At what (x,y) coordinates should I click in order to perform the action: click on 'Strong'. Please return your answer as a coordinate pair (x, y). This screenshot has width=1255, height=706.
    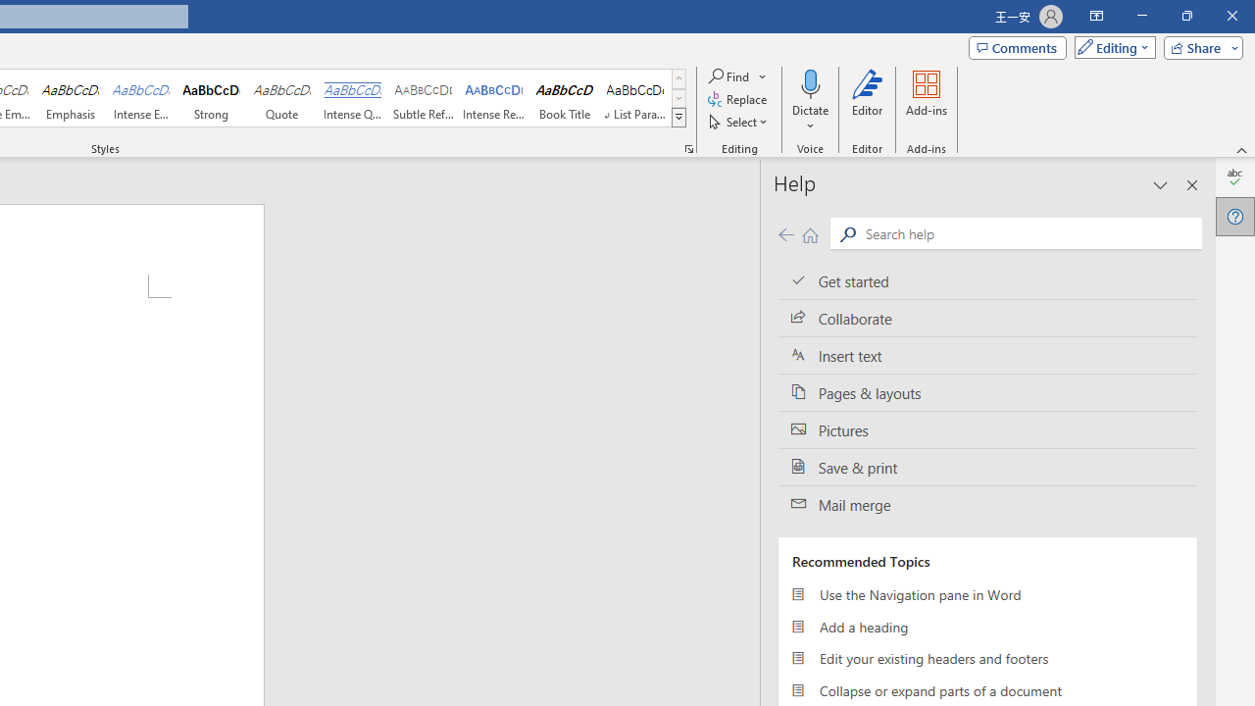
    Looking at the image, I should click on (212, 98).